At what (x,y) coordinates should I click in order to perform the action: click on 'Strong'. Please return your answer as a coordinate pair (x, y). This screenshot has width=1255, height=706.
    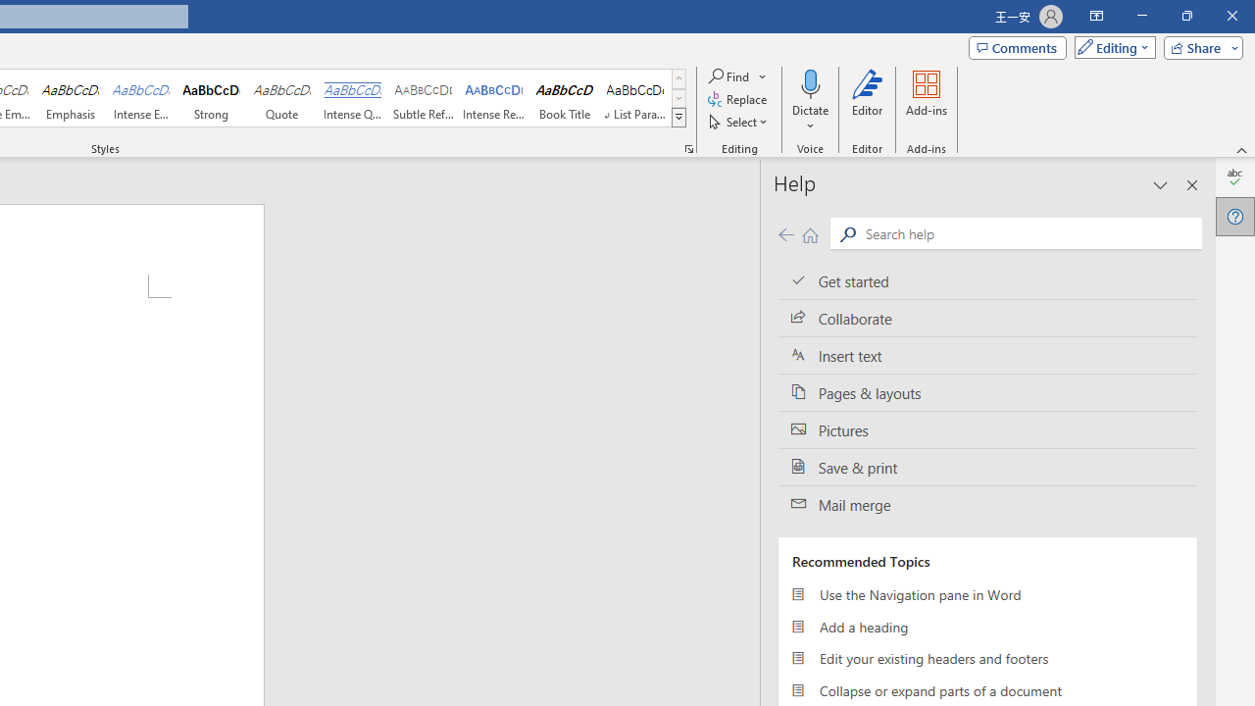
    Looking at the image, I should click on (212, 98).